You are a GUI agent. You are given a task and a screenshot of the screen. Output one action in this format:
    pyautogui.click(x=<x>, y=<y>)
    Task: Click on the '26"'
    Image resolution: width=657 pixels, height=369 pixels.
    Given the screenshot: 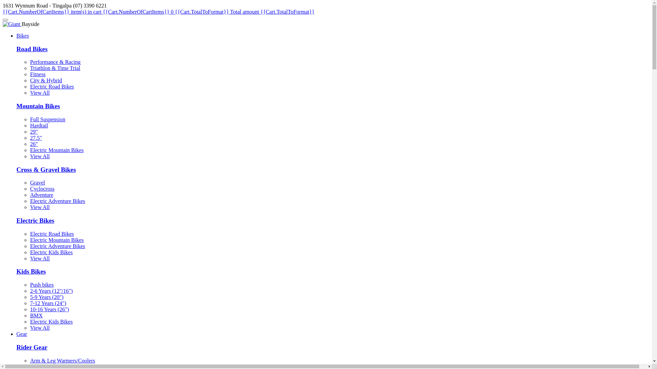 What is the action you would take?
    pyautogui.click(x=34, y=143)
    